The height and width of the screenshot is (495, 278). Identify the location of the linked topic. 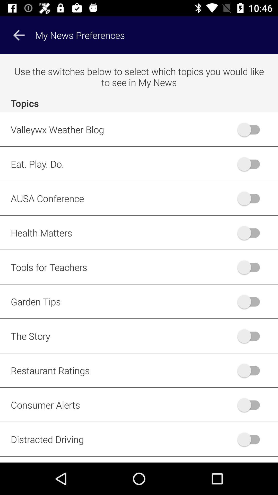
(251, 267).